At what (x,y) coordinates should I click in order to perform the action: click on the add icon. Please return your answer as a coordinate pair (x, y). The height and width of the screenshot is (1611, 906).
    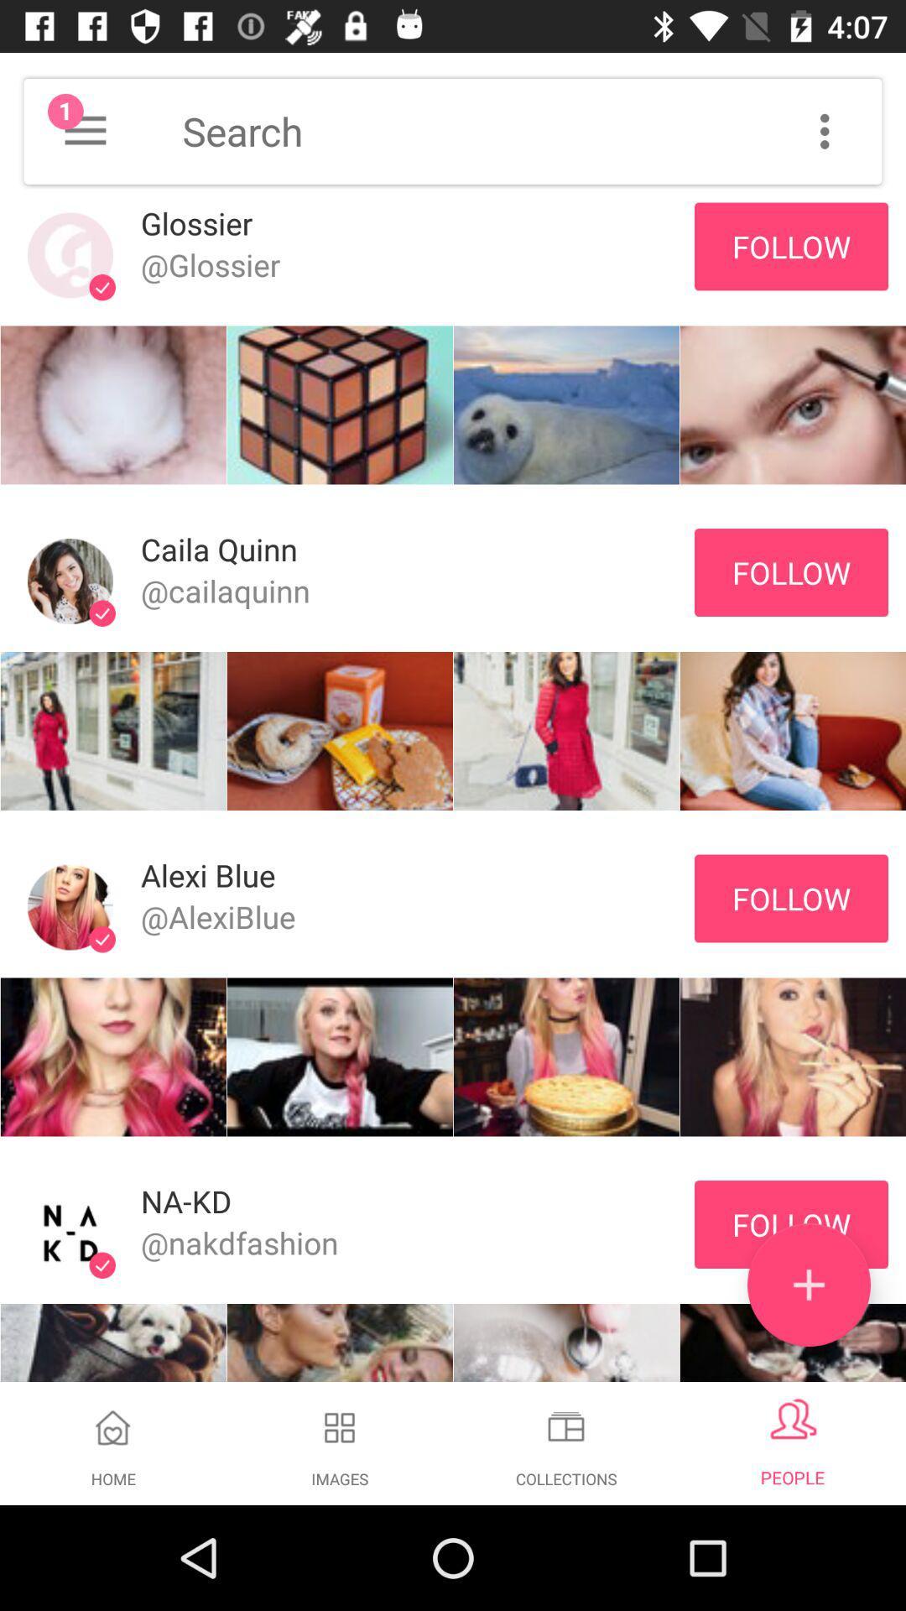
    Looking at the image, I should click on (808, 1284).